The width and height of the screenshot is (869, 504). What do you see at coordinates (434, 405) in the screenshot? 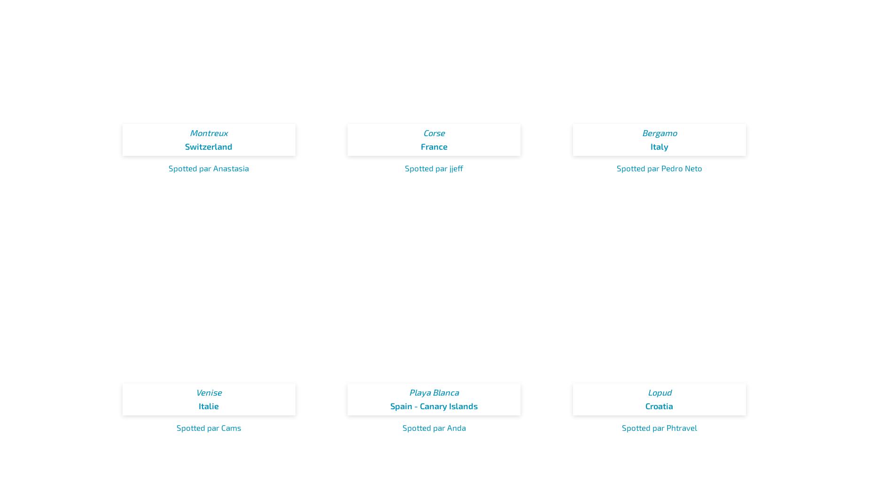
I see `'Spain - Canary Islands'` at bounding box center [434, 405].